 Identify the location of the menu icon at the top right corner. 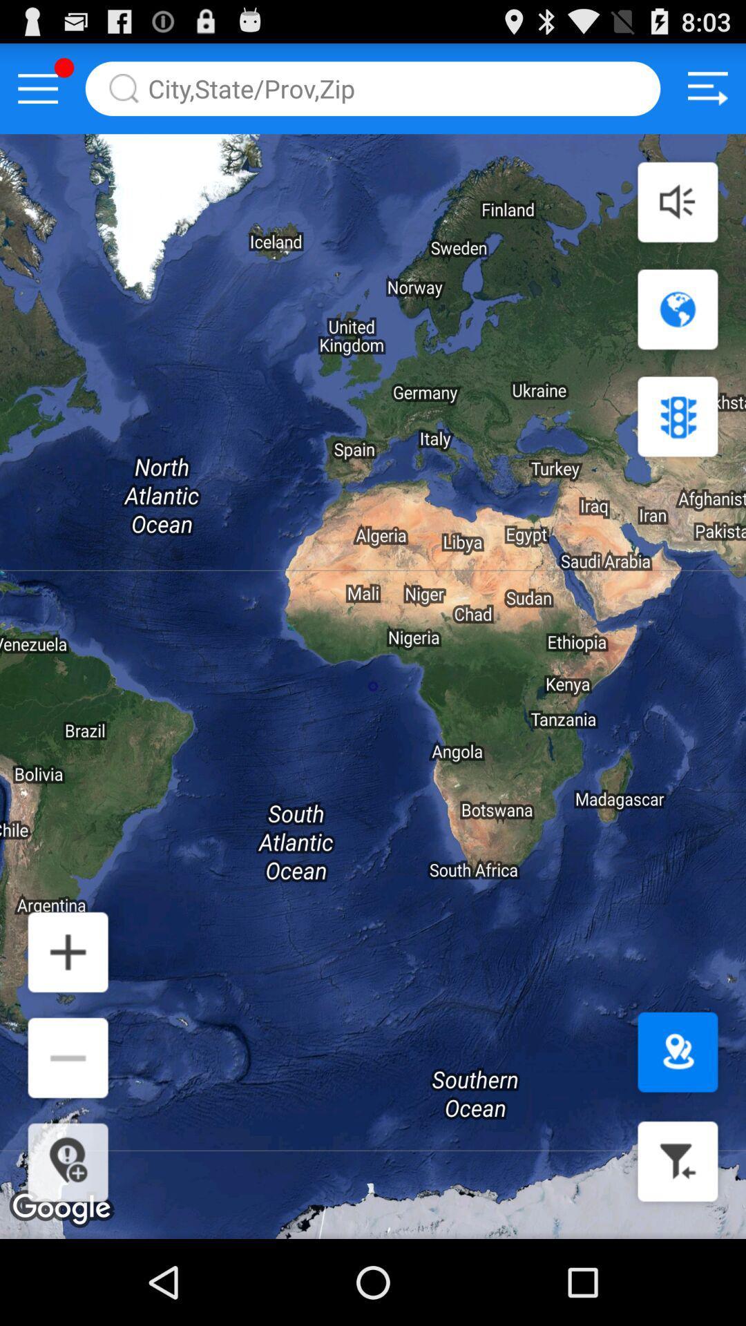
(708, 88).